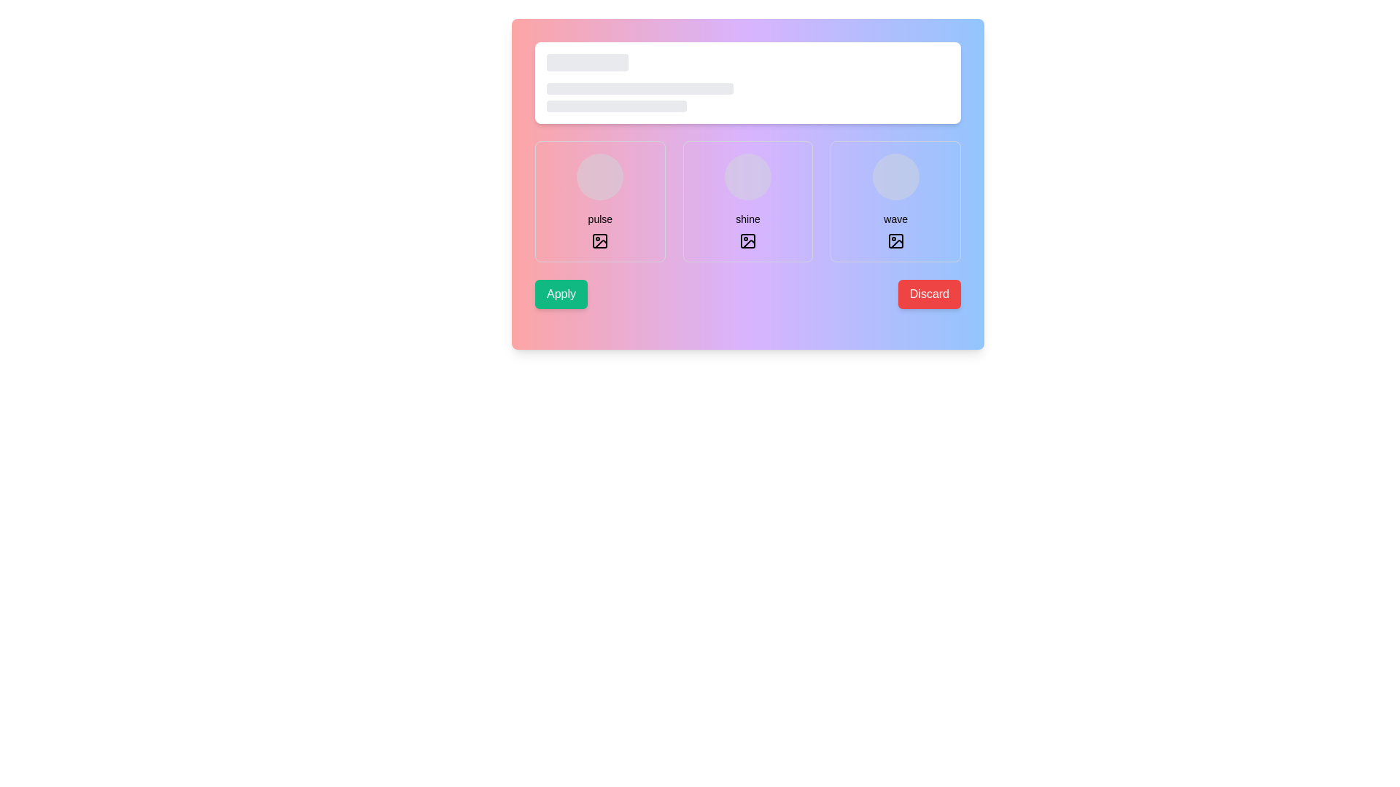  Describe the element at coordinates (928, 294) in the screenshot. I see `the red rectangular button labeled 'Discard'` at that location.